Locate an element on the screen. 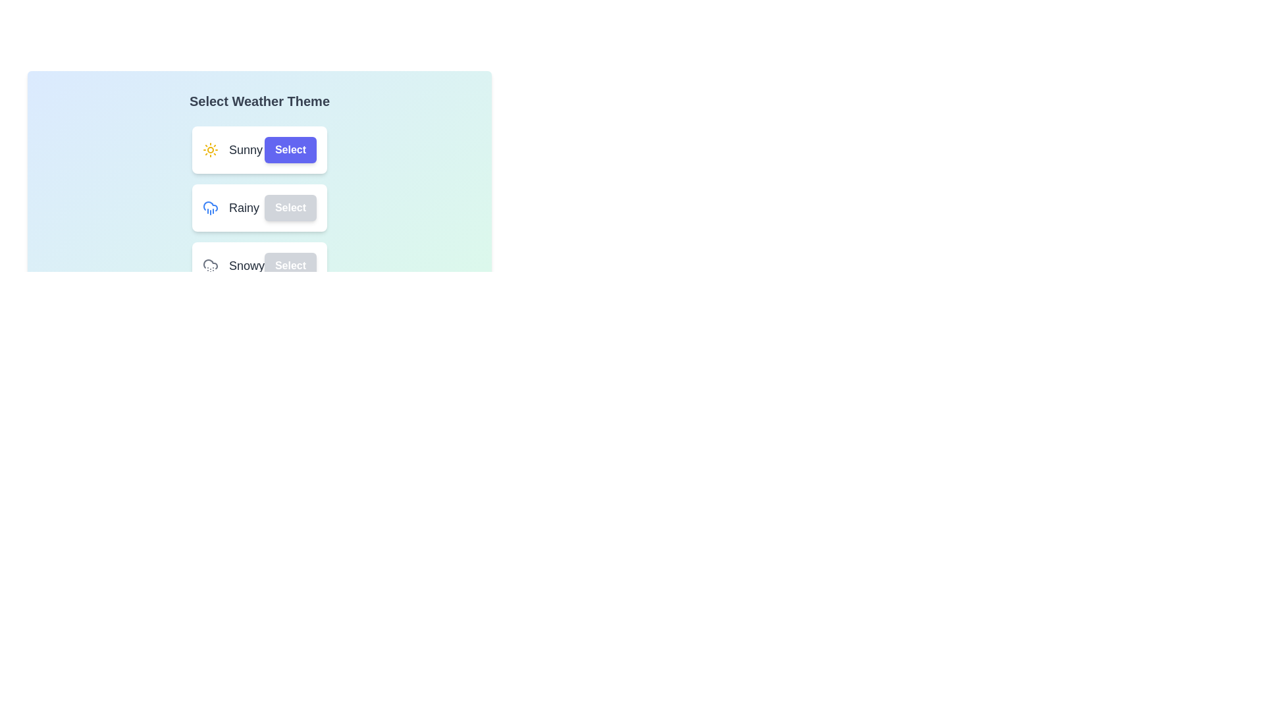  the 'Select' button corresponding to the weather theme Rainy is located at coordinates (290, 207).